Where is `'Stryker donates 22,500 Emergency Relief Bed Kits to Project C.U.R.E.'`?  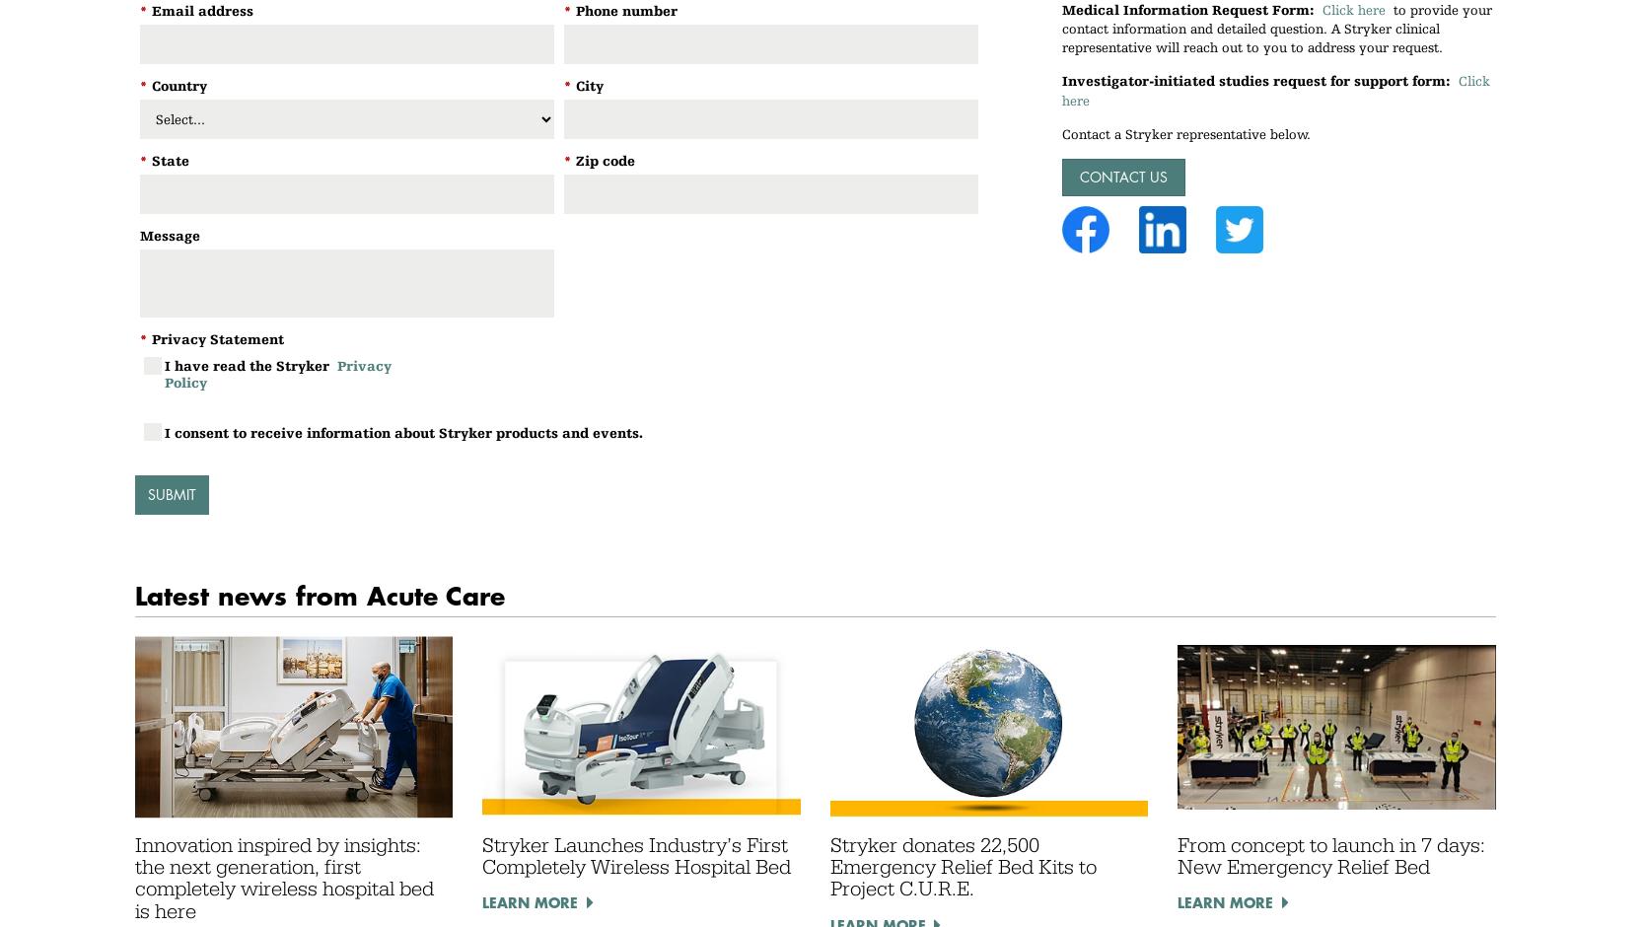 'Stryker donates 22,500 Emergency Relief Bed Kits to Project C.U.R.E.' is located at coordinates (962, 866).